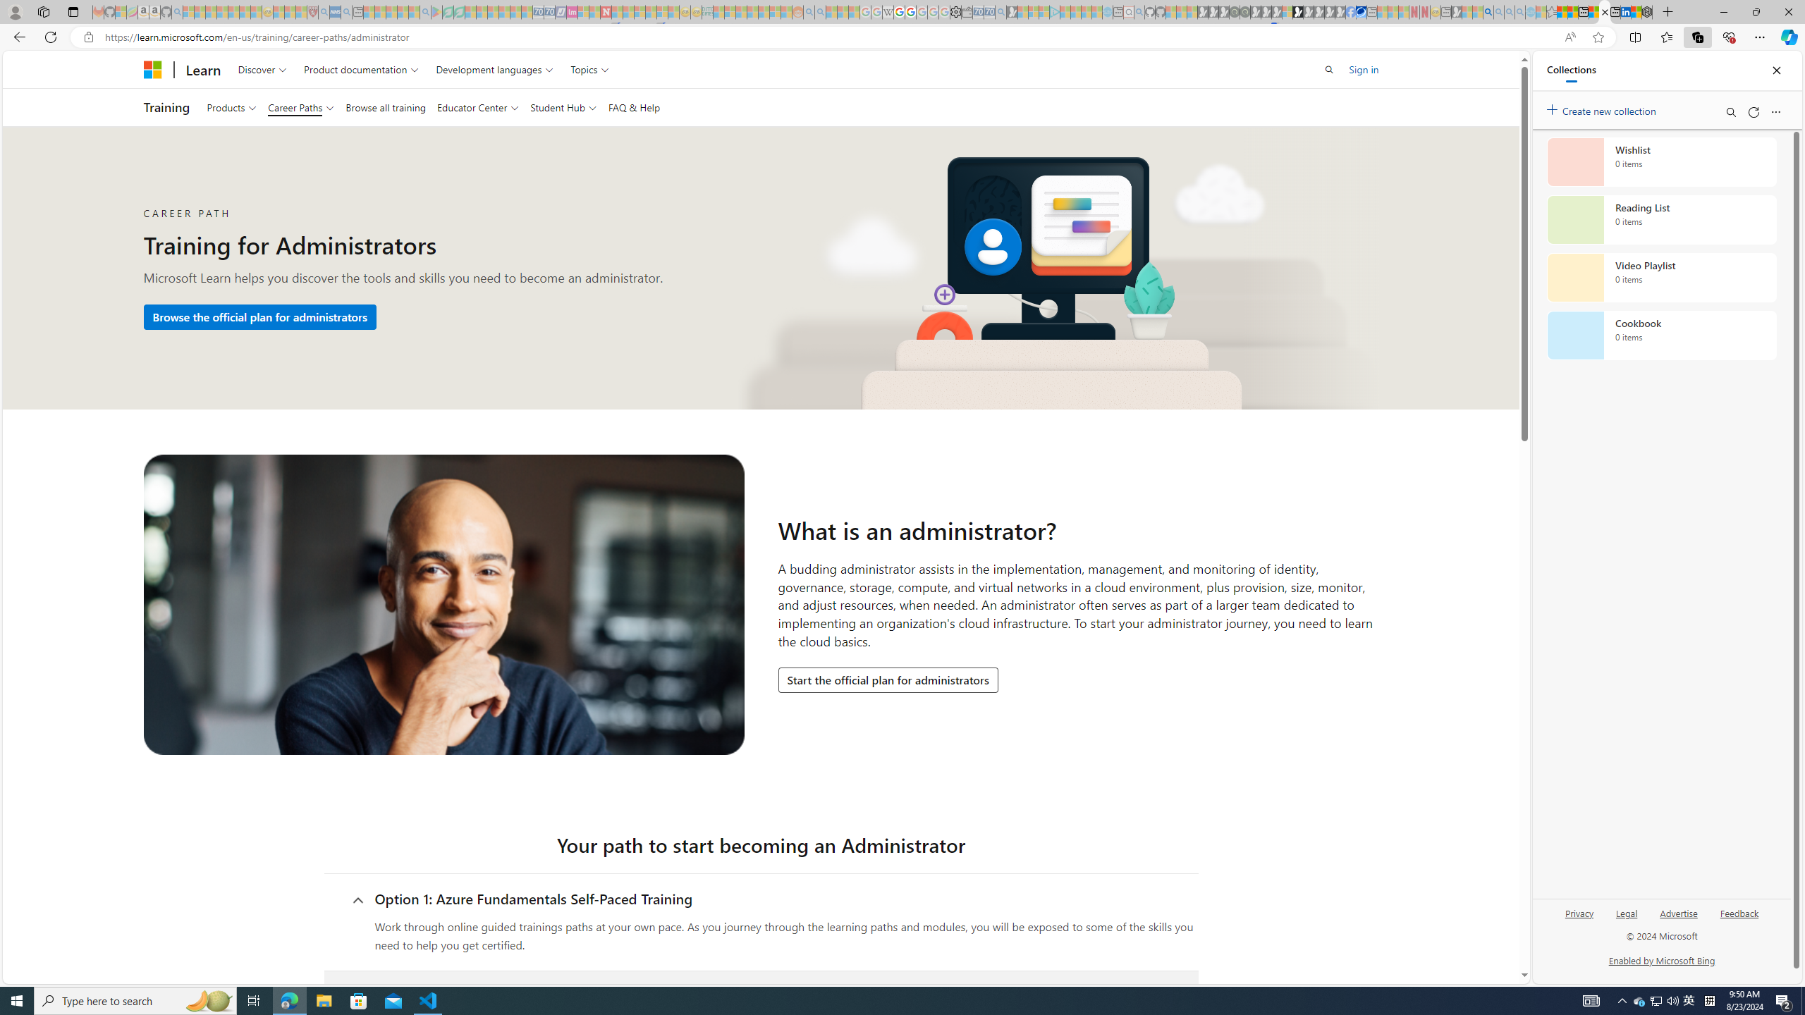 The width and height of the screenshot is (1805, 1015). Describe the element at coordinates (888, 11) in the screenshot. I see `'Target page - Wikipedia - Sleeping'` at that location.